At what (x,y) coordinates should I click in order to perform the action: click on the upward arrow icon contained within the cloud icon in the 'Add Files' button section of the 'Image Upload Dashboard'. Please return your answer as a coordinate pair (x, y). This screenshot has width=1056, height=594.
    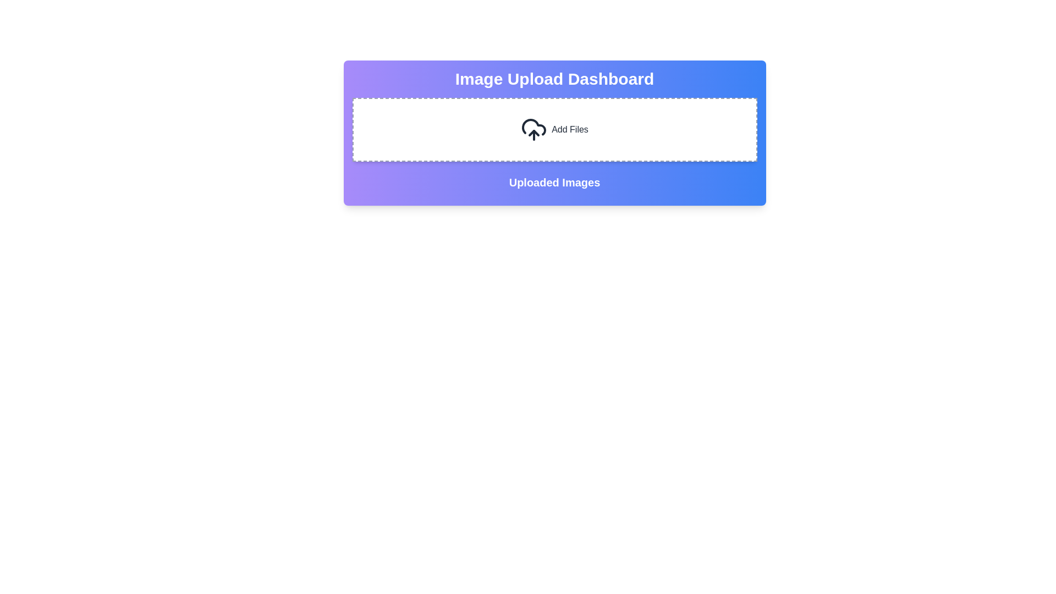
    Looking at the image, I should click on (534, 133).